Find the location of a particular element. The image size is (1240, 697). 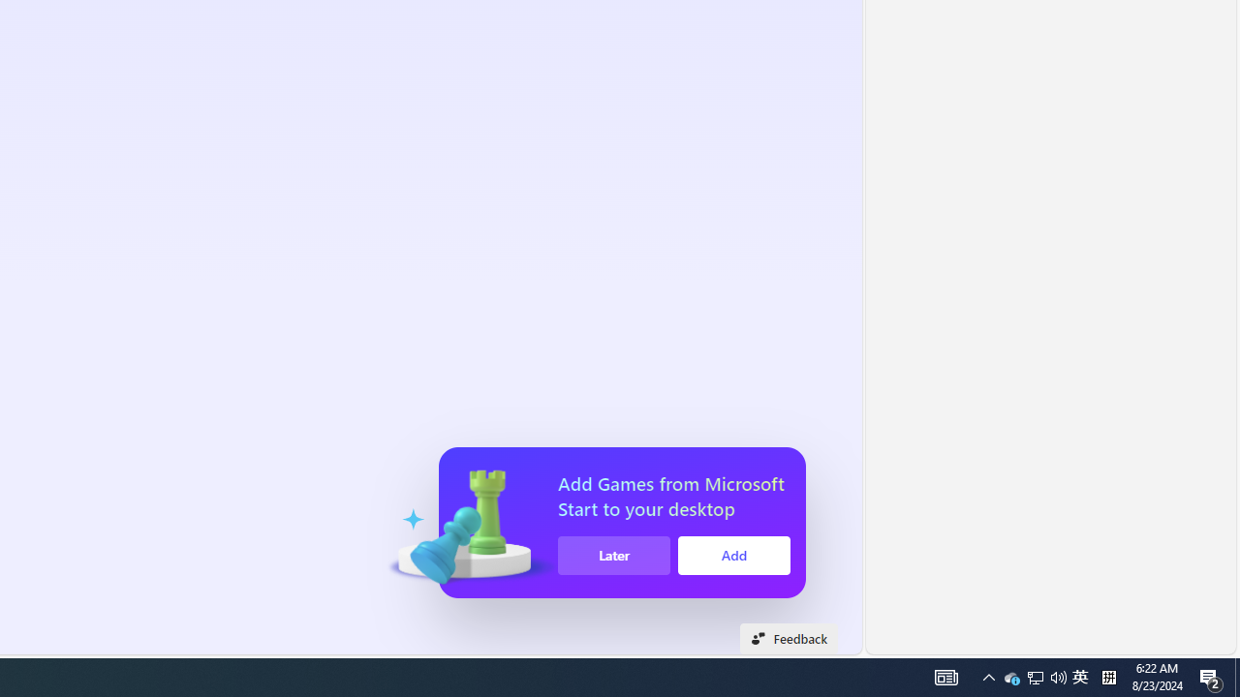

'Add' is located at coordinates (732, 555).